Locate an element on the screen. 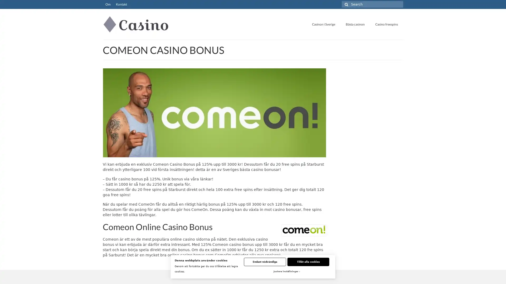 The width and height of the screenshot is (506, 284). Endast nodvandiga is located at coordinates (265, 262).